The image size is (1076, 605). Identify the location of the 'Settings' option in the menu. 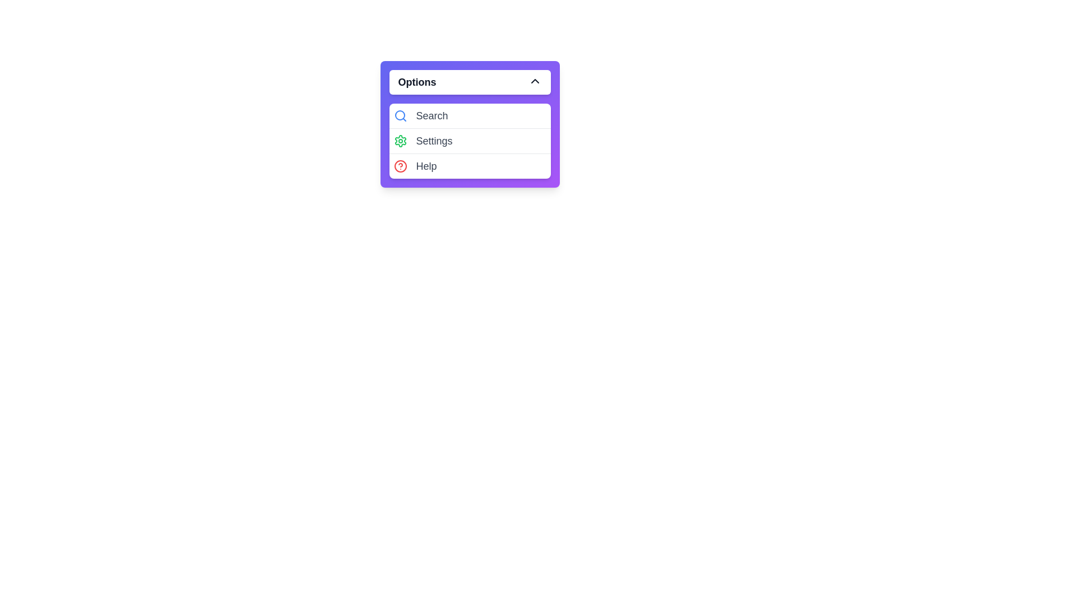
(470, 140).